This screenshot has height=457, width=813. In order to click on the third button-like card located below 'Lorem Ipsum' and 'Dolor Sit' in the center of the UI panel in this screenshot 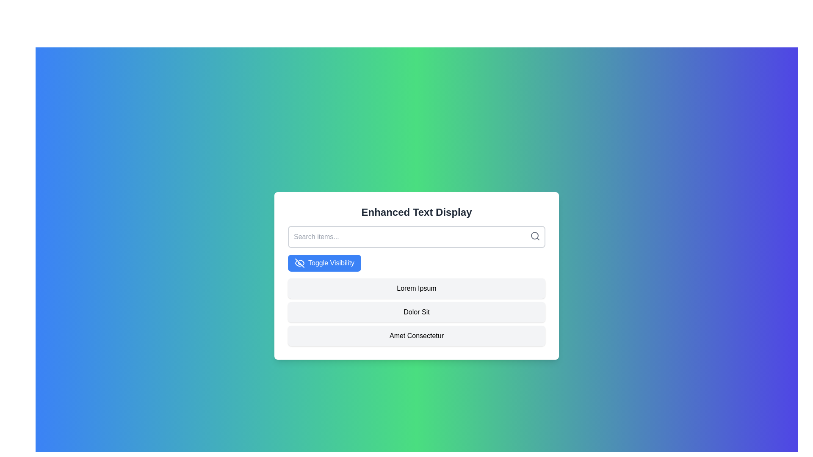, I will do `click(416, 336)`.